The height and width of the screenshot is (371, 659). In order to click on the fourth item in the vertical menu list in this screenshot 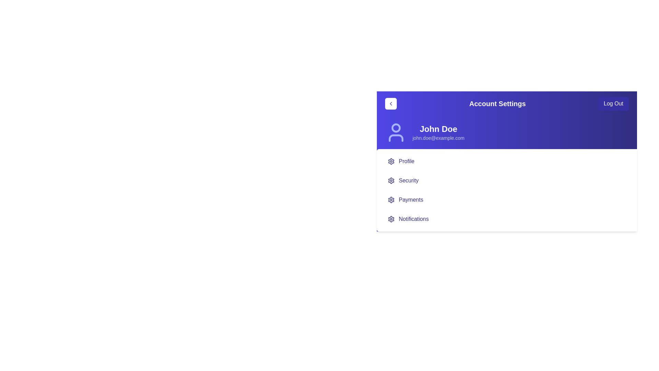, I will do `click(507, 219)`.